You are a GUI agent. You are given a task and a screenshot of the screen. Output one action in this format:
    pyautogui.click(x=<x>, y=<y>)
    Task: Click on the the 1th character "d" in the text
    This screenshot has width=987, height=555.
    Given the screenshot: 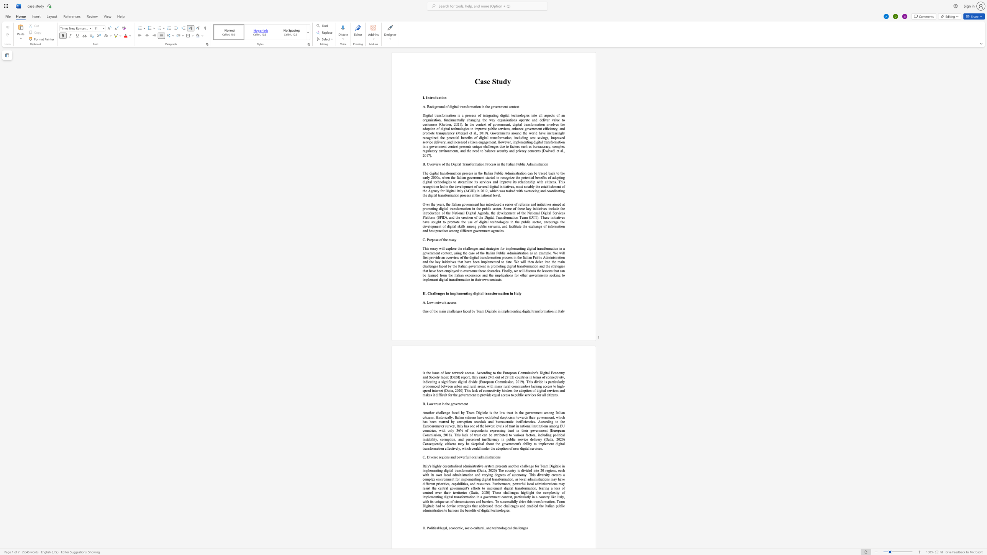 What is the action you would take?
    pyautogui.click(x=507, y=390)
    